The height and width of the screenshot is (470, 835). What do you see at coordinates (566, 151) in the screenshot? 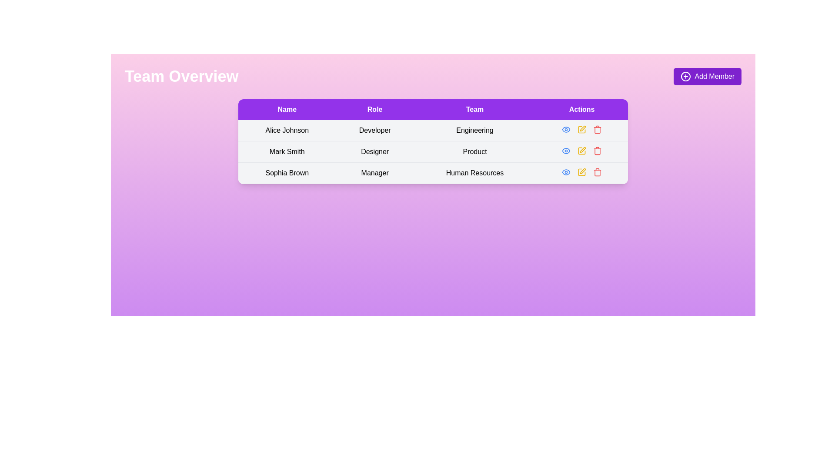
I see `the blue eye icon button located as the first element in the second row of action buttons` at bounding box center [566, 151].